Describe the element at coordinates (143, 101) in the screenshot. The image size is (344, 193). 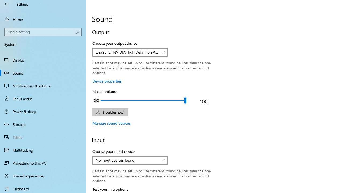
I see `'Adjust the master output volume'` at that location.